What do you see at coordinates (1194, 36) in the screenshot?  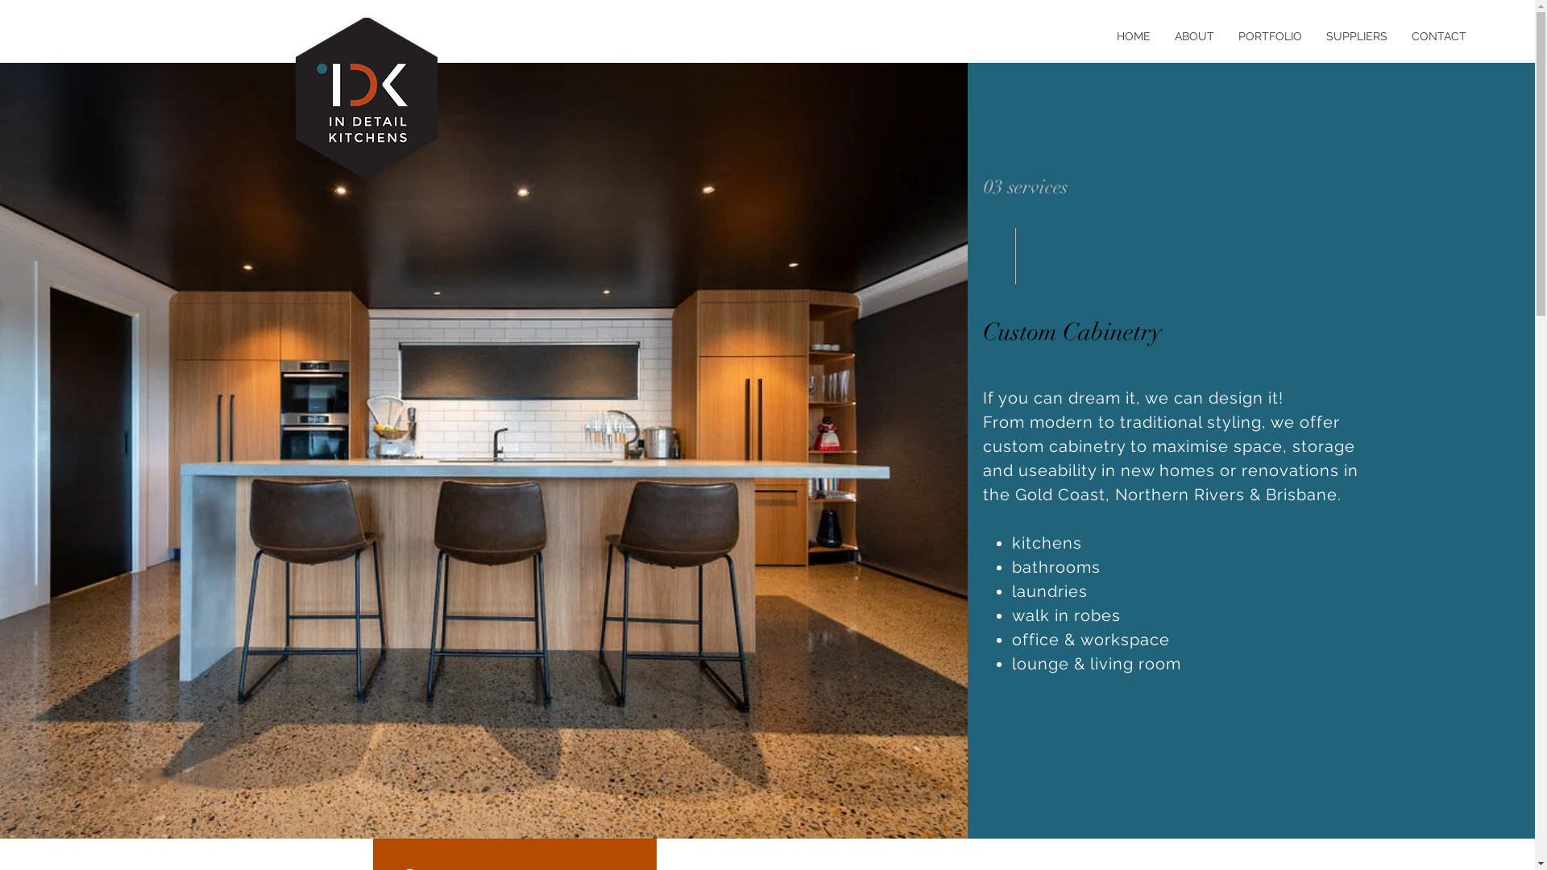 I see `'ABOUT'` at bounding box center [1194, 36].